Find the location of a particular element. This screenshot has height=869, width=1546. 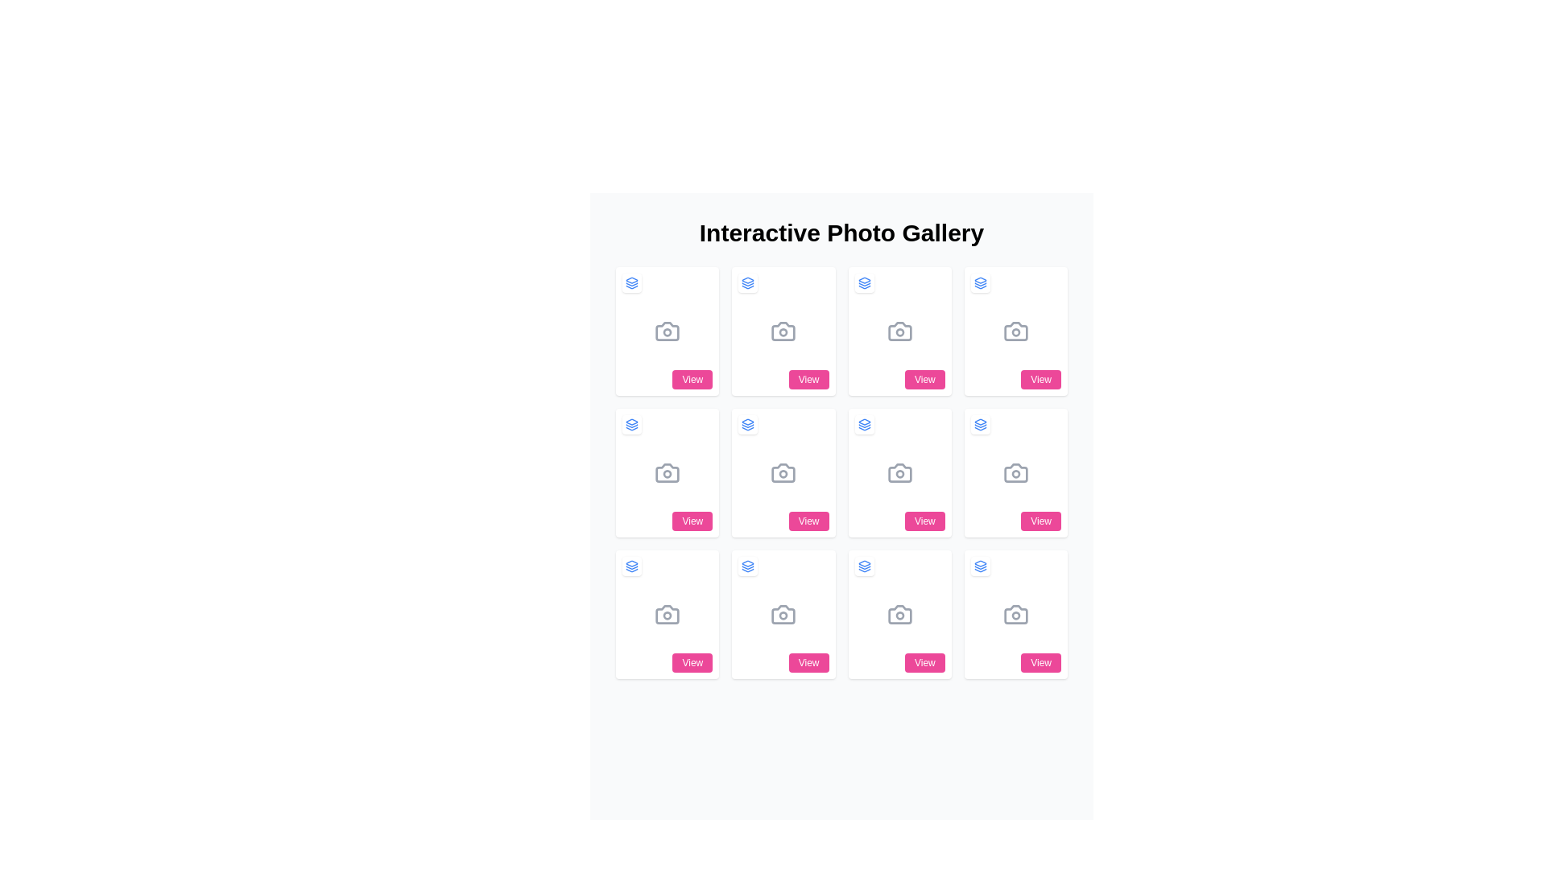

the camera icon located in the third row and third column of the grid under the 'Interactive Photo Gallery' title is located at coordinates (1015, 472).